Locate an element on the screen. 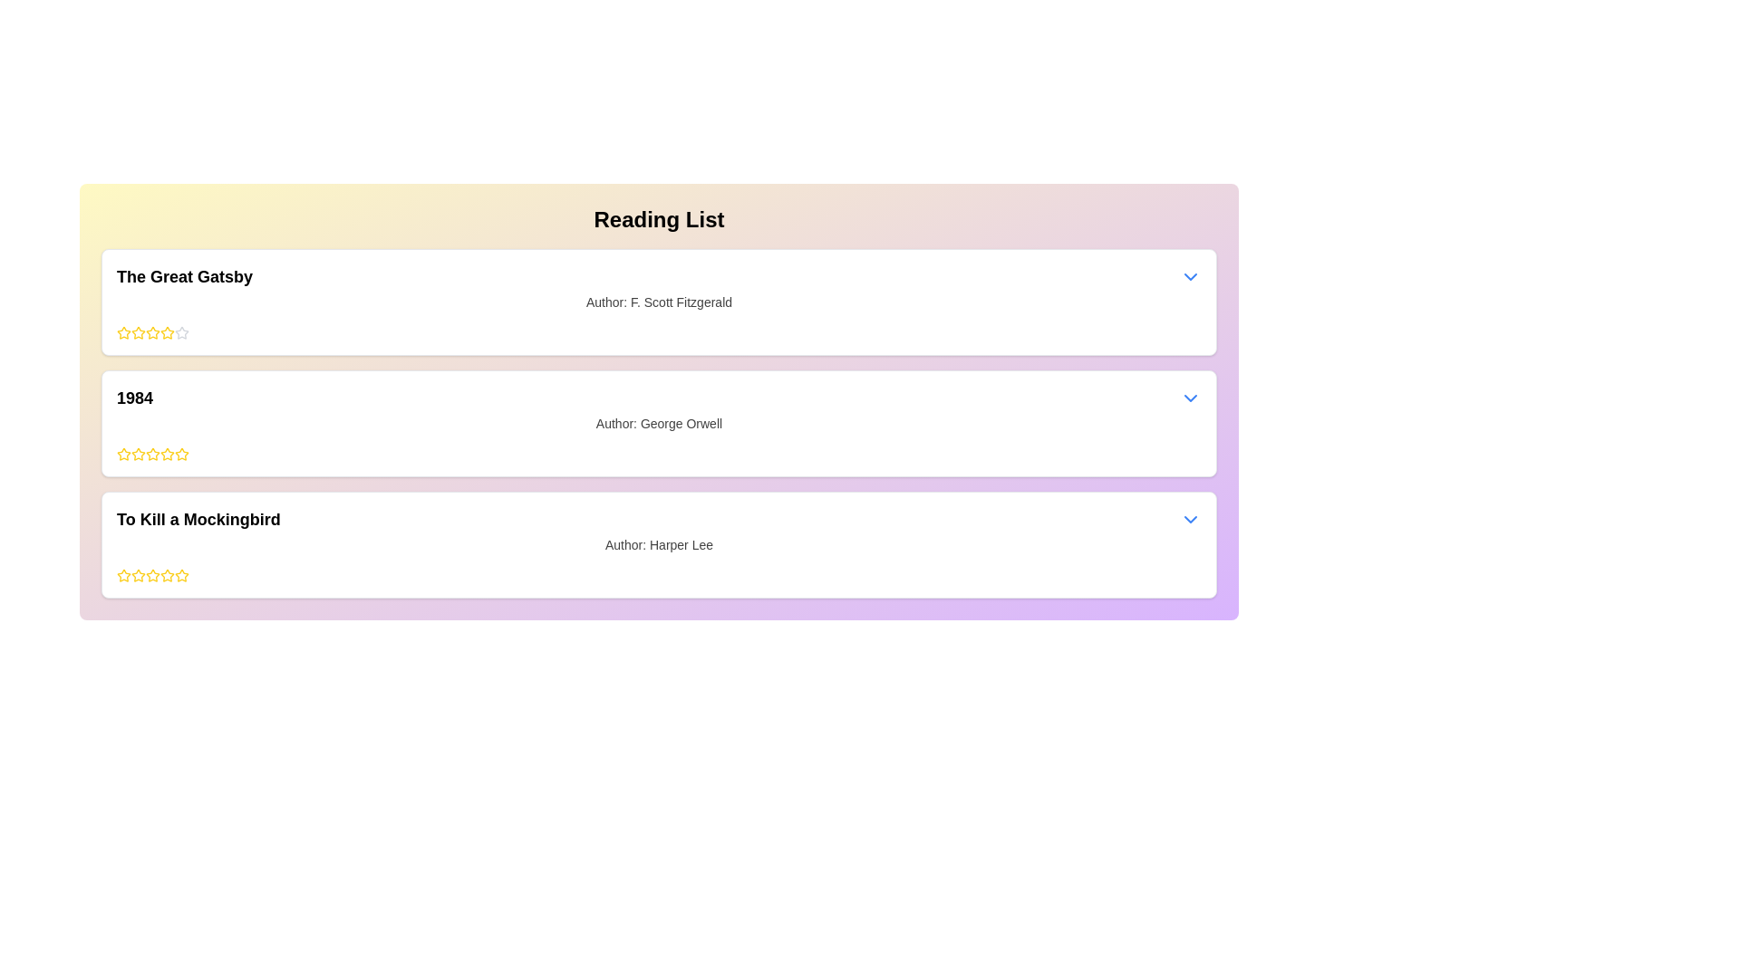 This screenshot has width=1740, height=978. the dropdown toggle button (chevron) located on the right side of the '1984' listing to trigger hover effects is located at coordinates (1191, 397).